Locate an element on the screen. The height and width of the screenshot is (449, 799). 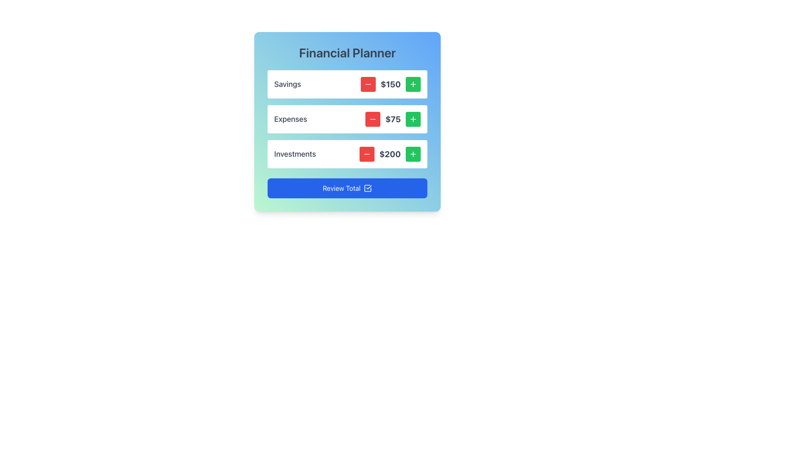
the central text label displaying the current monetary value for the 'Expenses' category, which is located between a red button on the left and a green plus button on the right is located at coordinates (392, 119).